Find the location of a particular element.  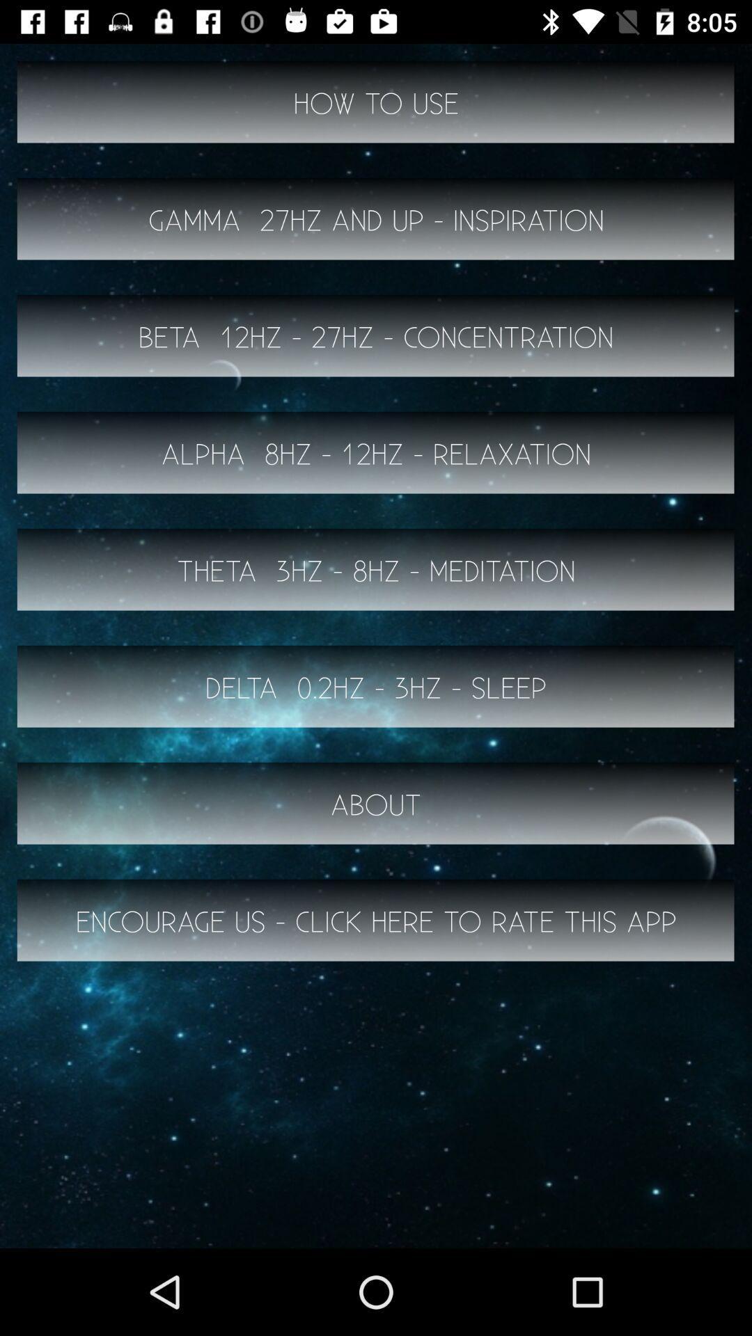

item above beta 12hz 27hz button is located at coordinates (376, 218).